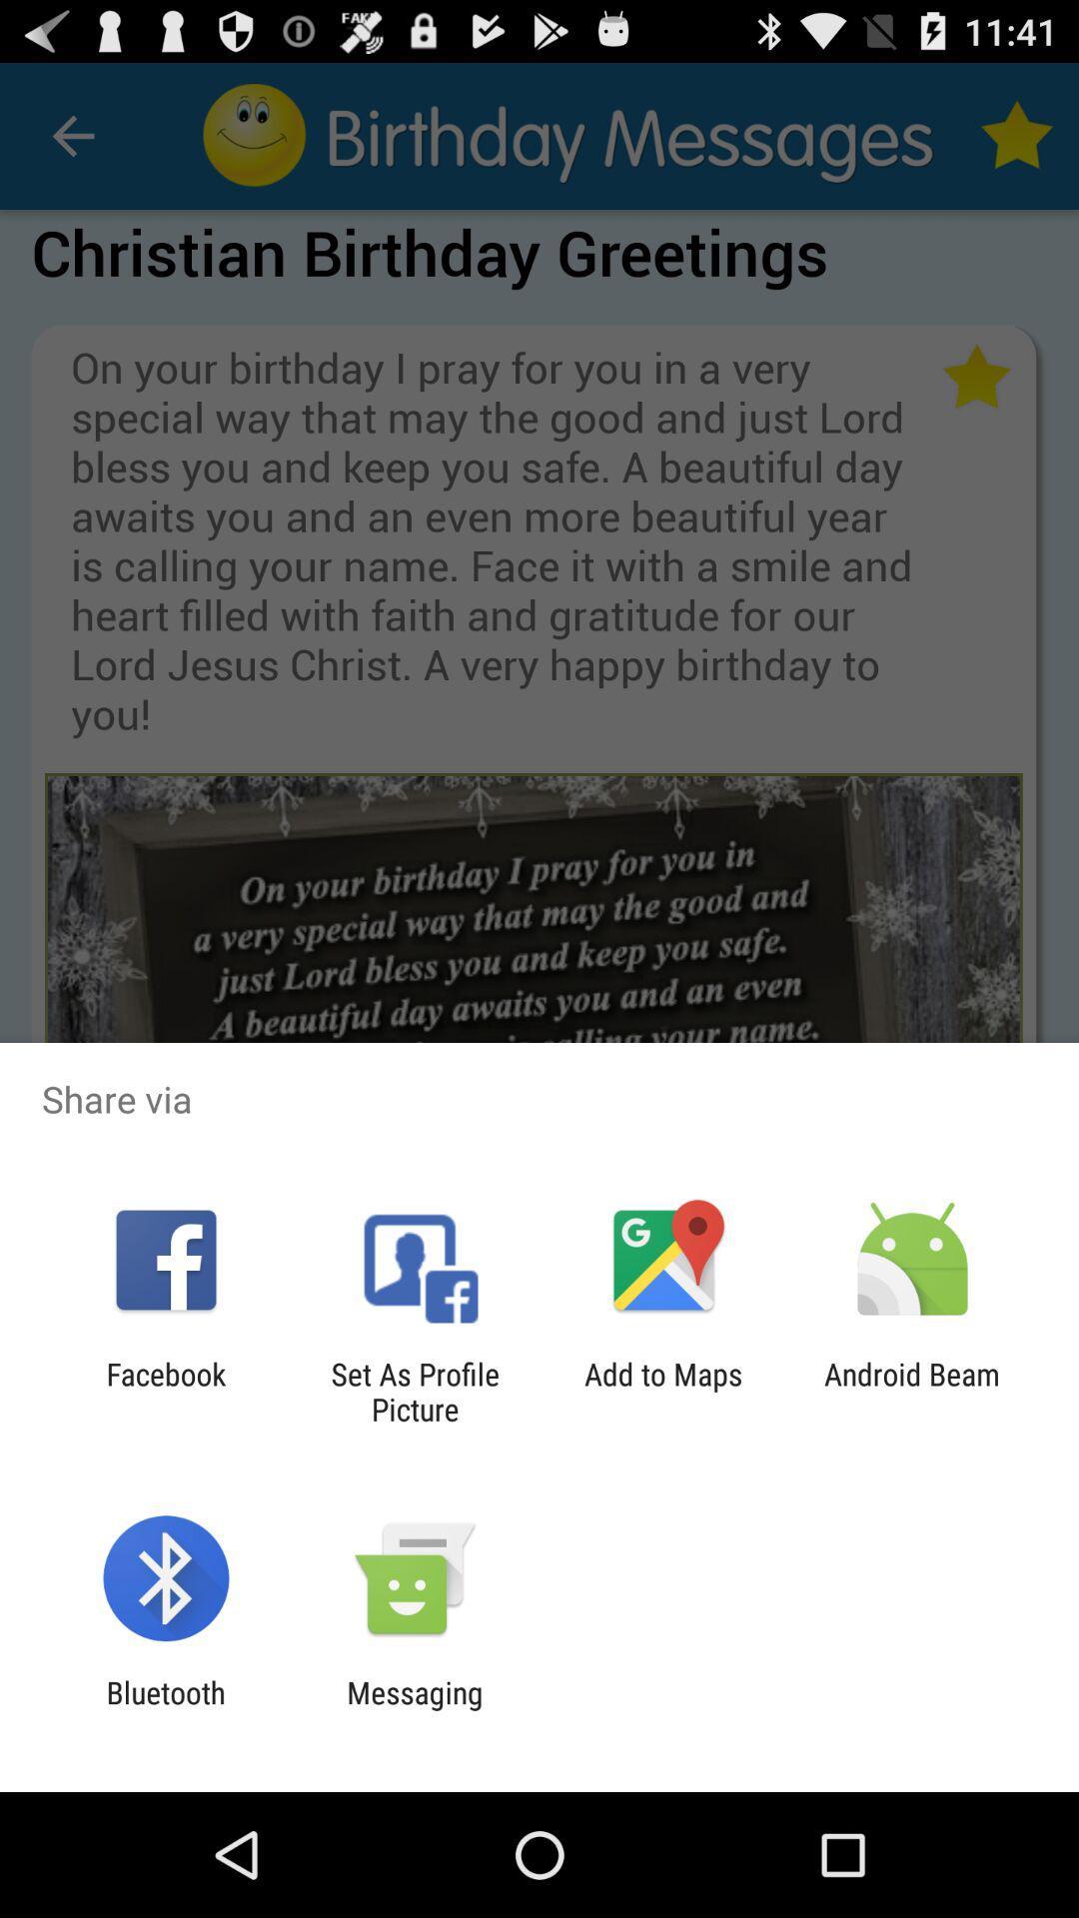  What do you see at coordinates (414, 1391) in the screenshot?
I see `the icon next to add to maps app` at bounding box center [414, 1391].